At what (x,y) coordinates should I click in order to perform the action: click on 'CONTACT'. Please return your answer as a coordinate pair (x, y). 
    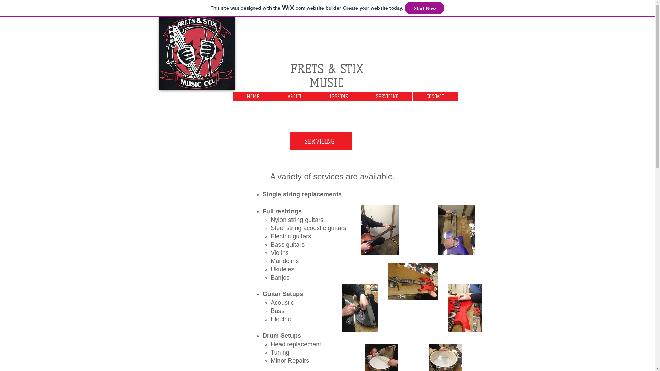
    Looking at the image, I should click on (435, 97).